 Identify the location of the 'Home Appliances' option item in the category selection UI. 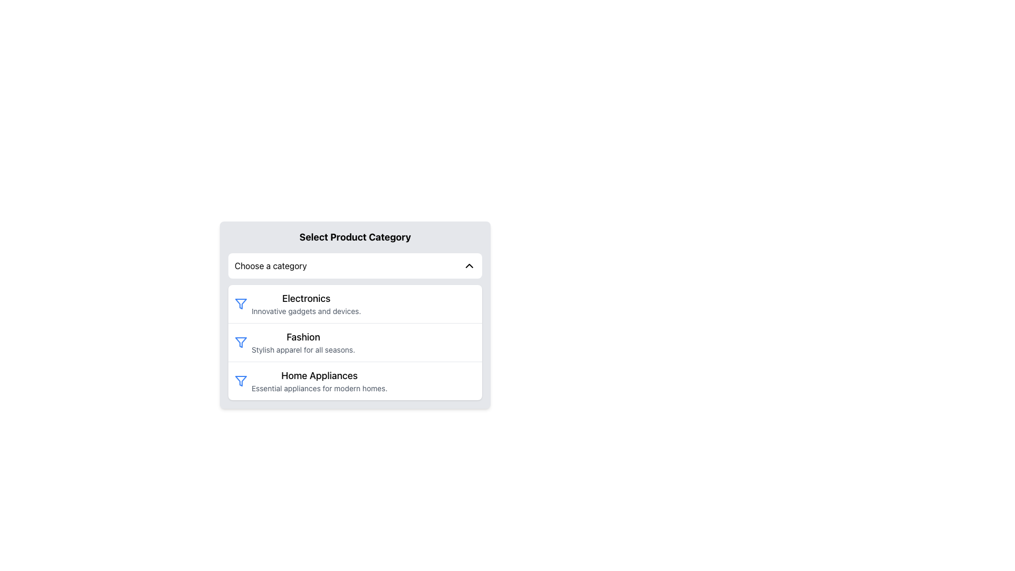
(319, 381).